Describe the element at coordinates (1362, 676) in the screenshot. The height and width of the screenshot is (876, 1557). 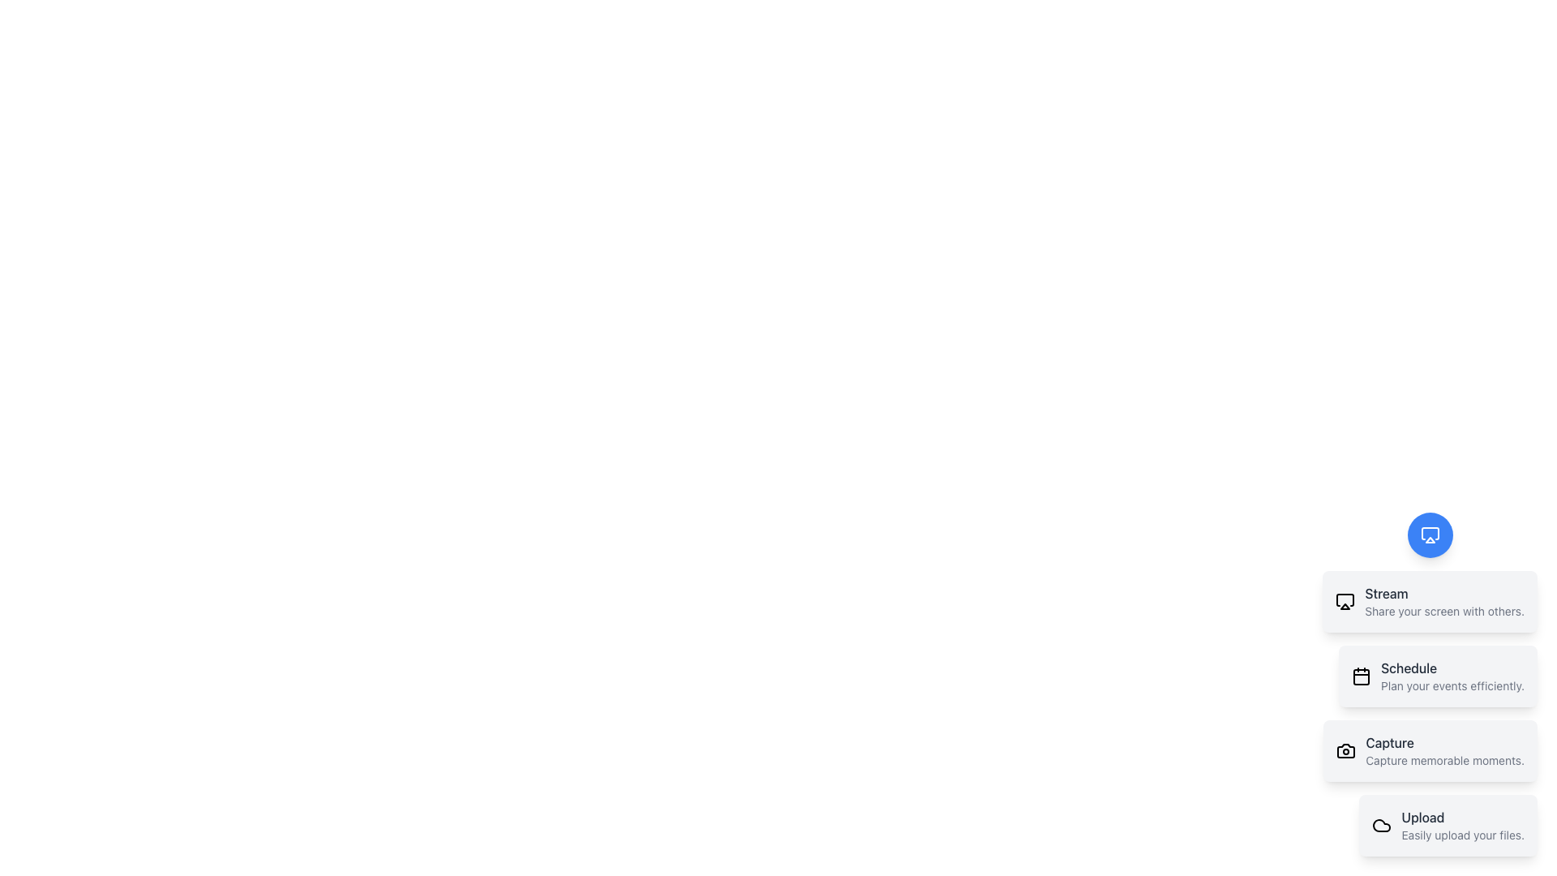
I see `the decorative part of the calendar icon that represents scheduling, located below the 'Stream' text and above the 'Capture' text in the vertical list of options` at that location.